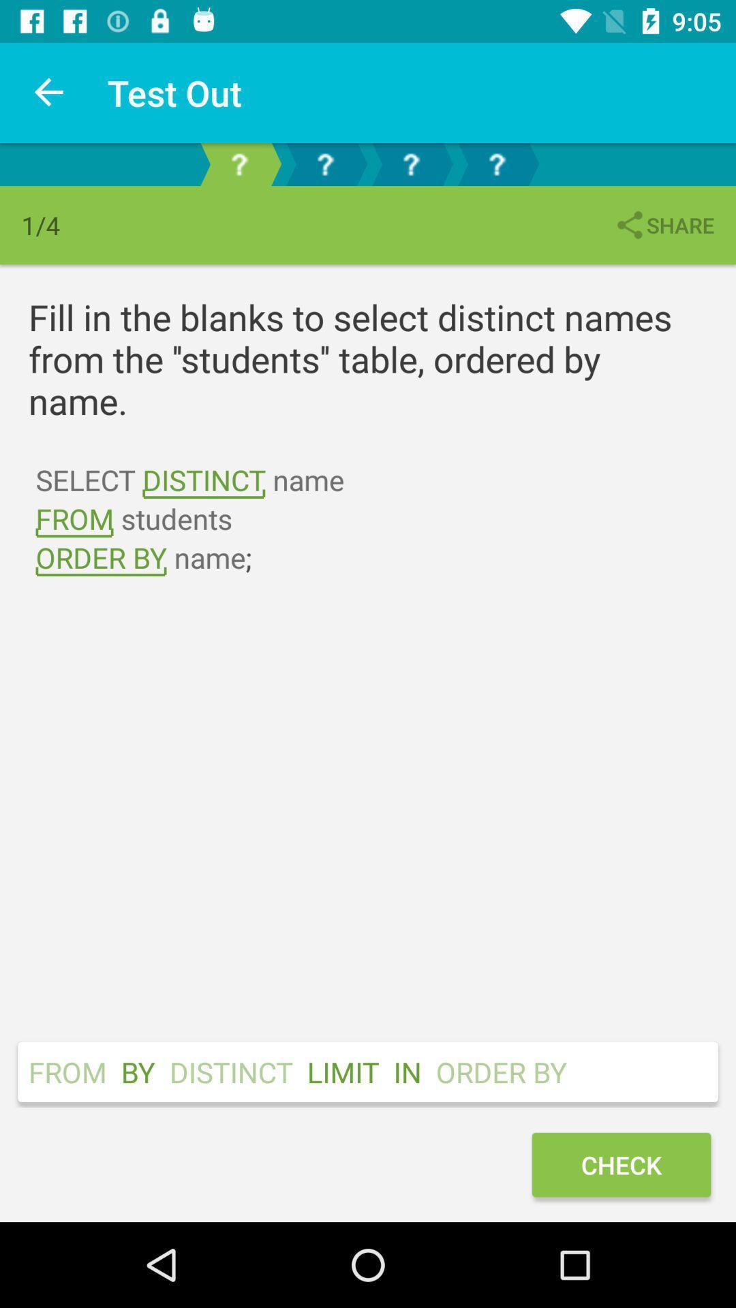 Image resolution: width=736 pixels, height=1308 pixels. Describe the element at coordinates (663, 225) in the screenshot. I see `icon above the fill in the item` at that location.